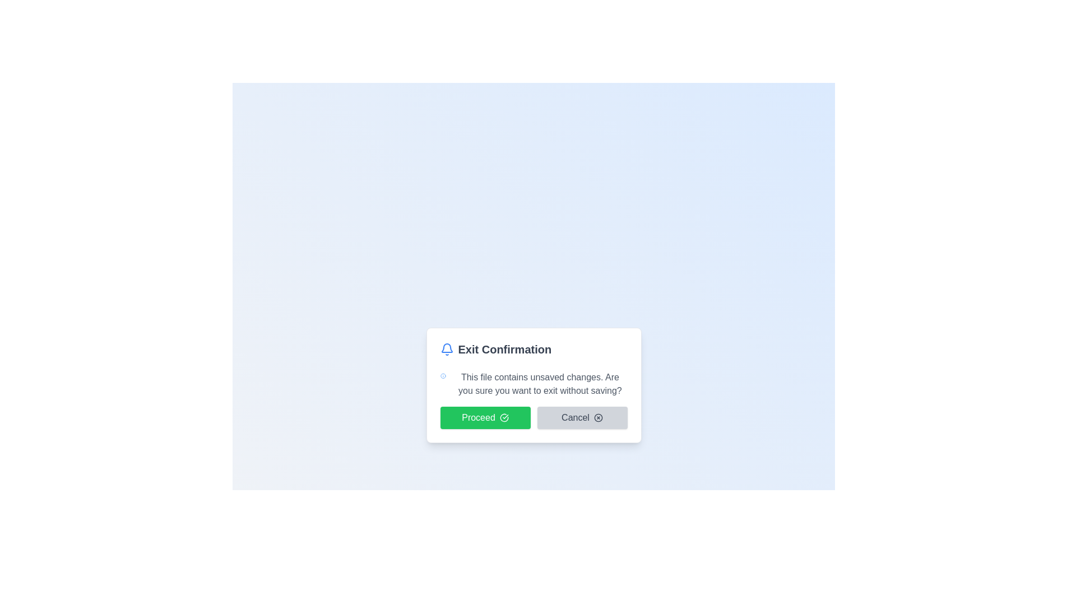  I want to click on the 'Cancel' button located in the bottom-right corner of the 'Exit Confirmation' dialog box, so click(582, 417).